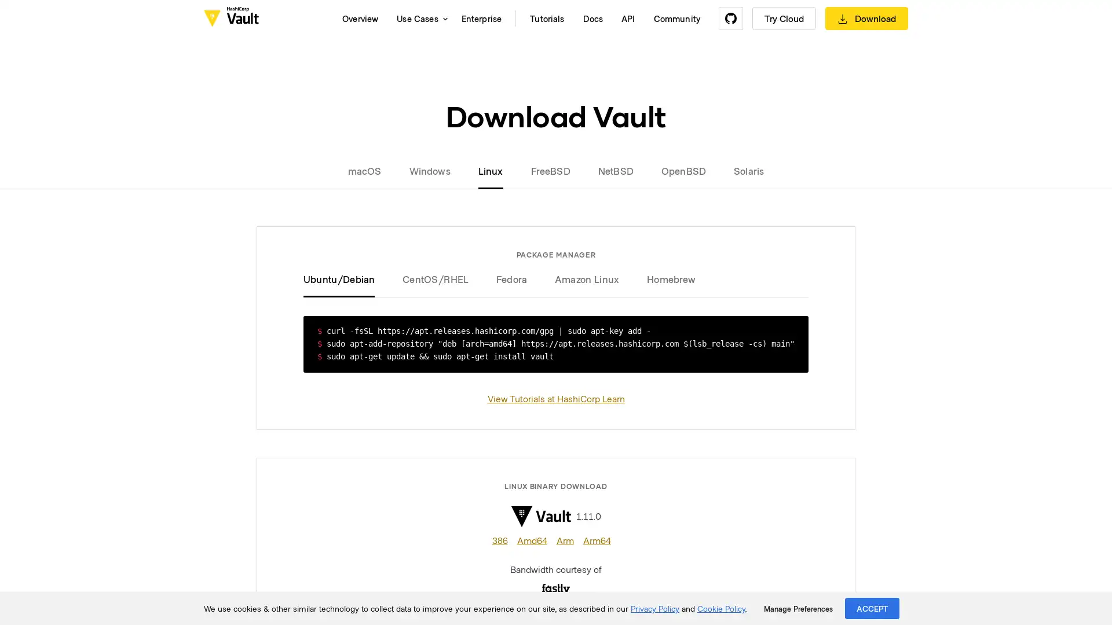 The width and height of the screenshot is (1112, 625). Describe the element at coordinates (683, 170) in the screenshot. I see `OpenBSD` at that location.